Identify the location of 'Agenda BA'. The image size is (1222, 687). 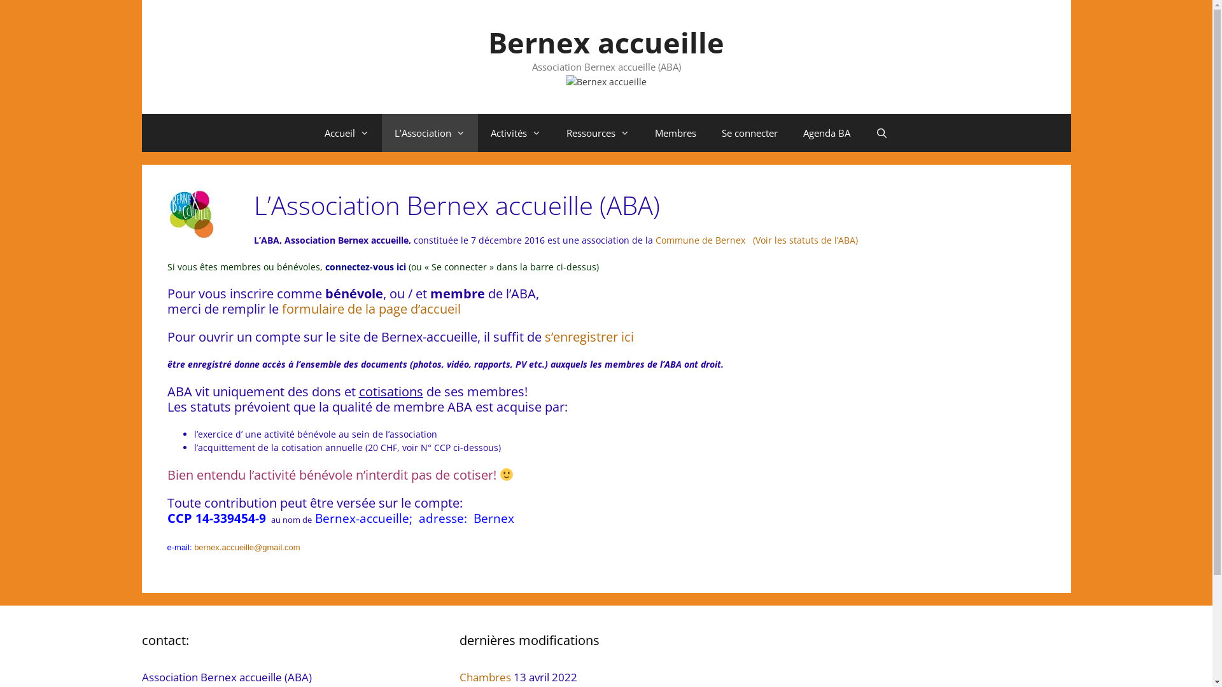
(790, 132).